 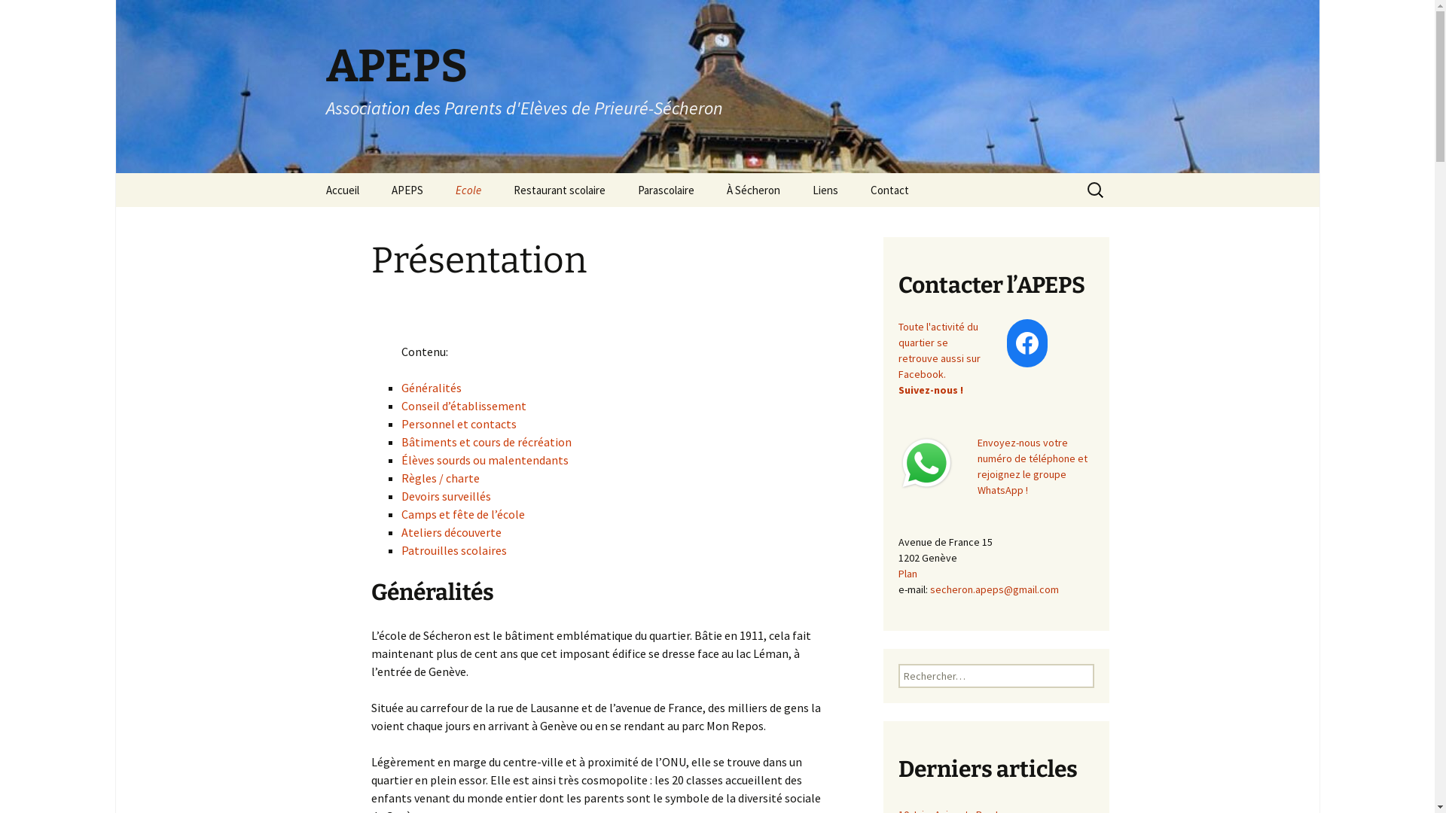 What do you see at coordinates (889, 189) in the screenshot?
I see `'Contact'` at bounding box center [889, 189].